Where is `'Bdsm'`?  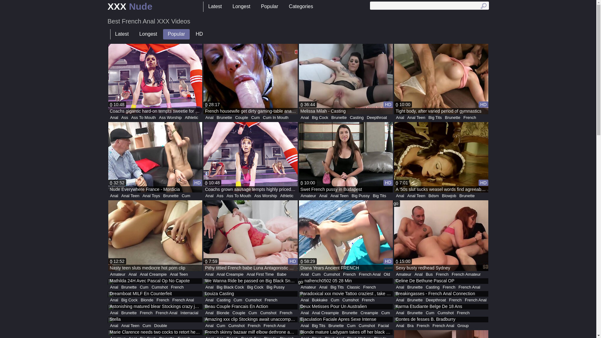
'Bdsm' is located at coordinates (433, 195).